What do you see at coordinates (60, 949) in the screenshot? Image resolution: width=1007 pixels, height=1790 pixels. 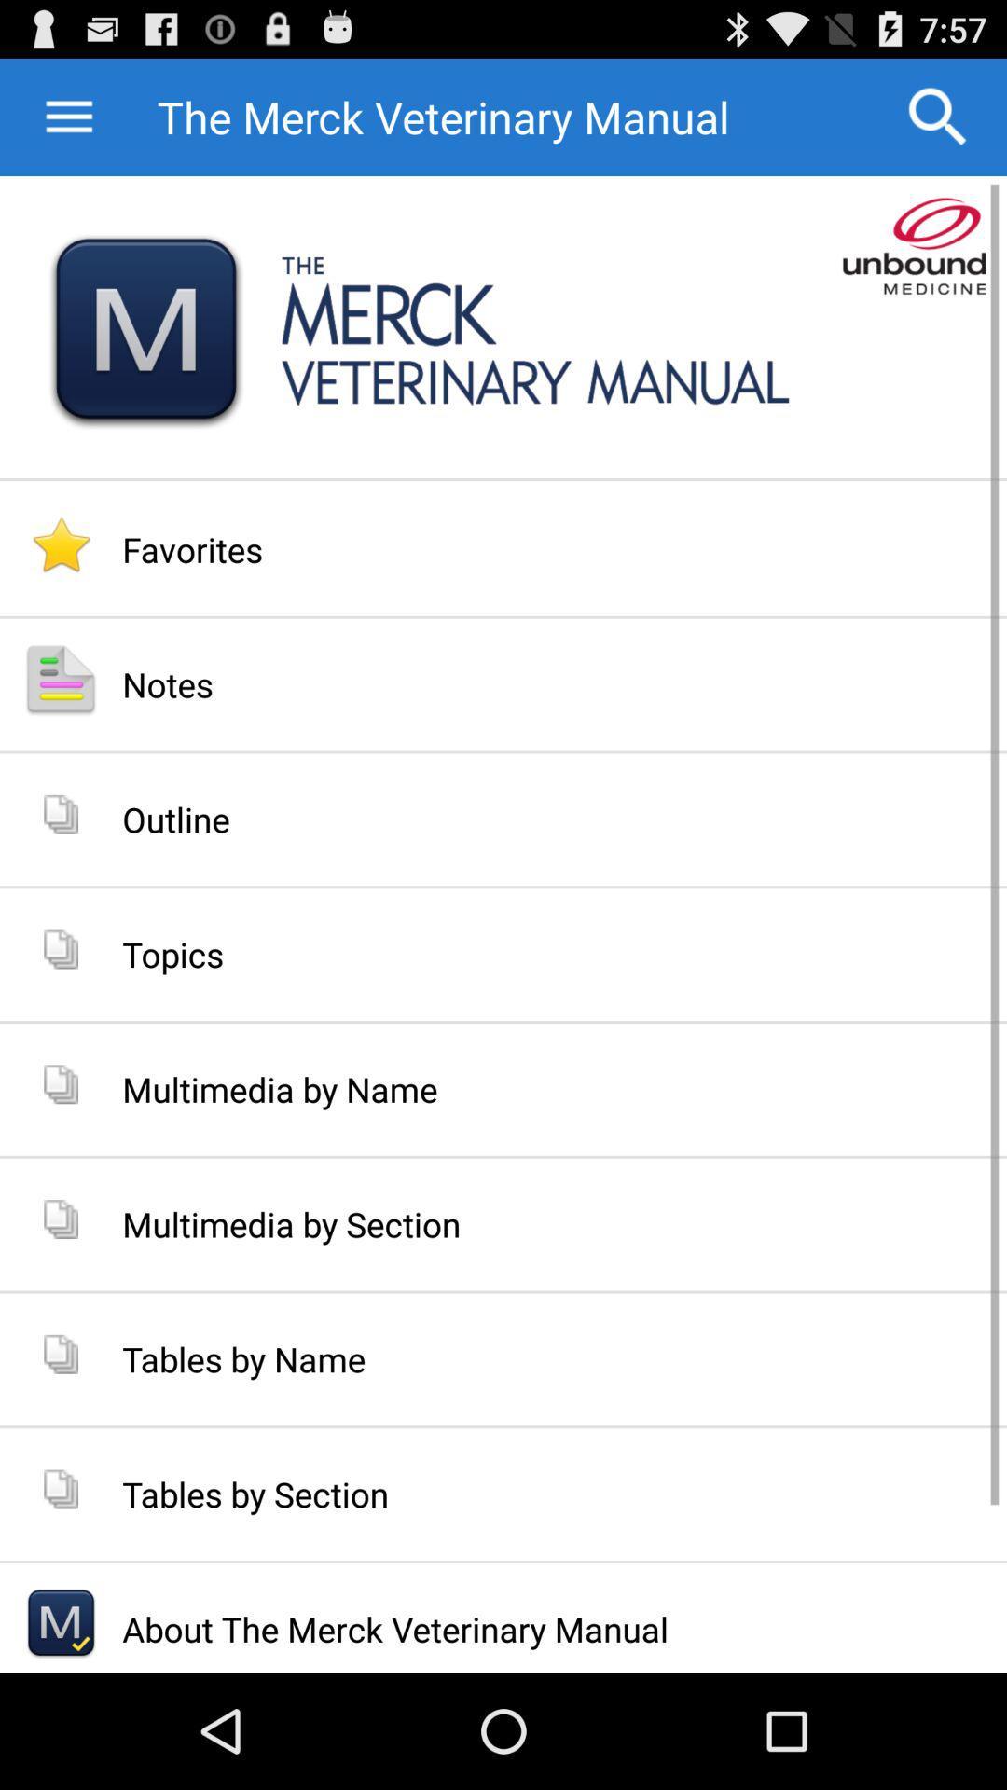 I see `the icon below outline` at bounding box center [60, 949].